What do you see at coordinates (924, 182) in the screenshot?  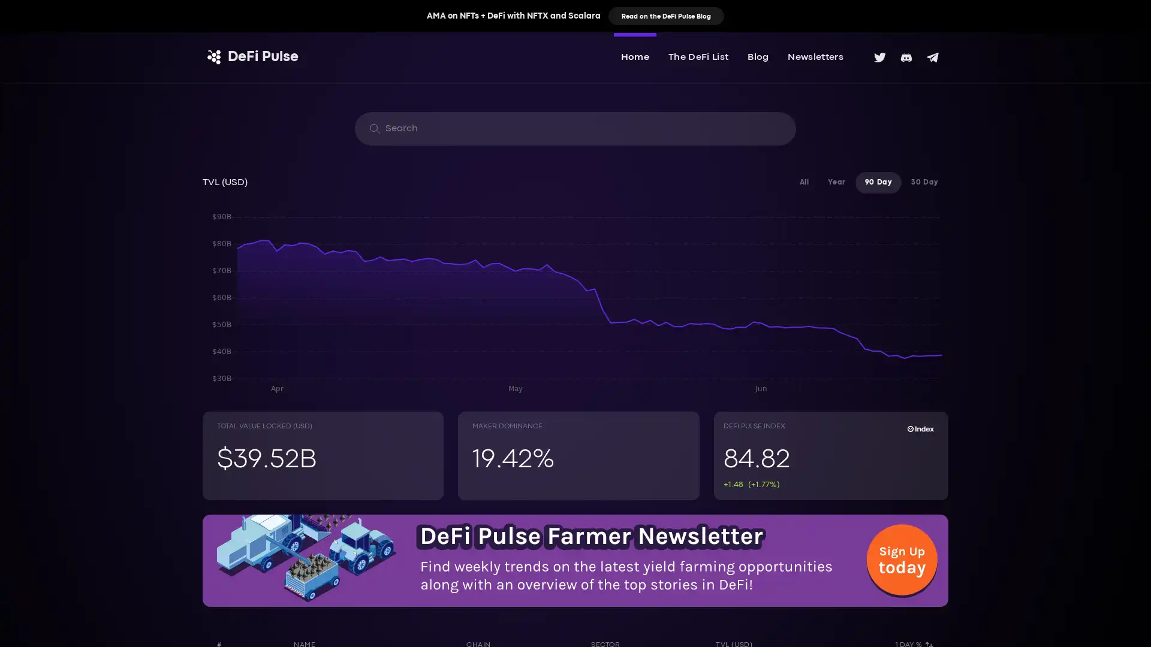 I see `30 Day` at bounding box center [924, 182].